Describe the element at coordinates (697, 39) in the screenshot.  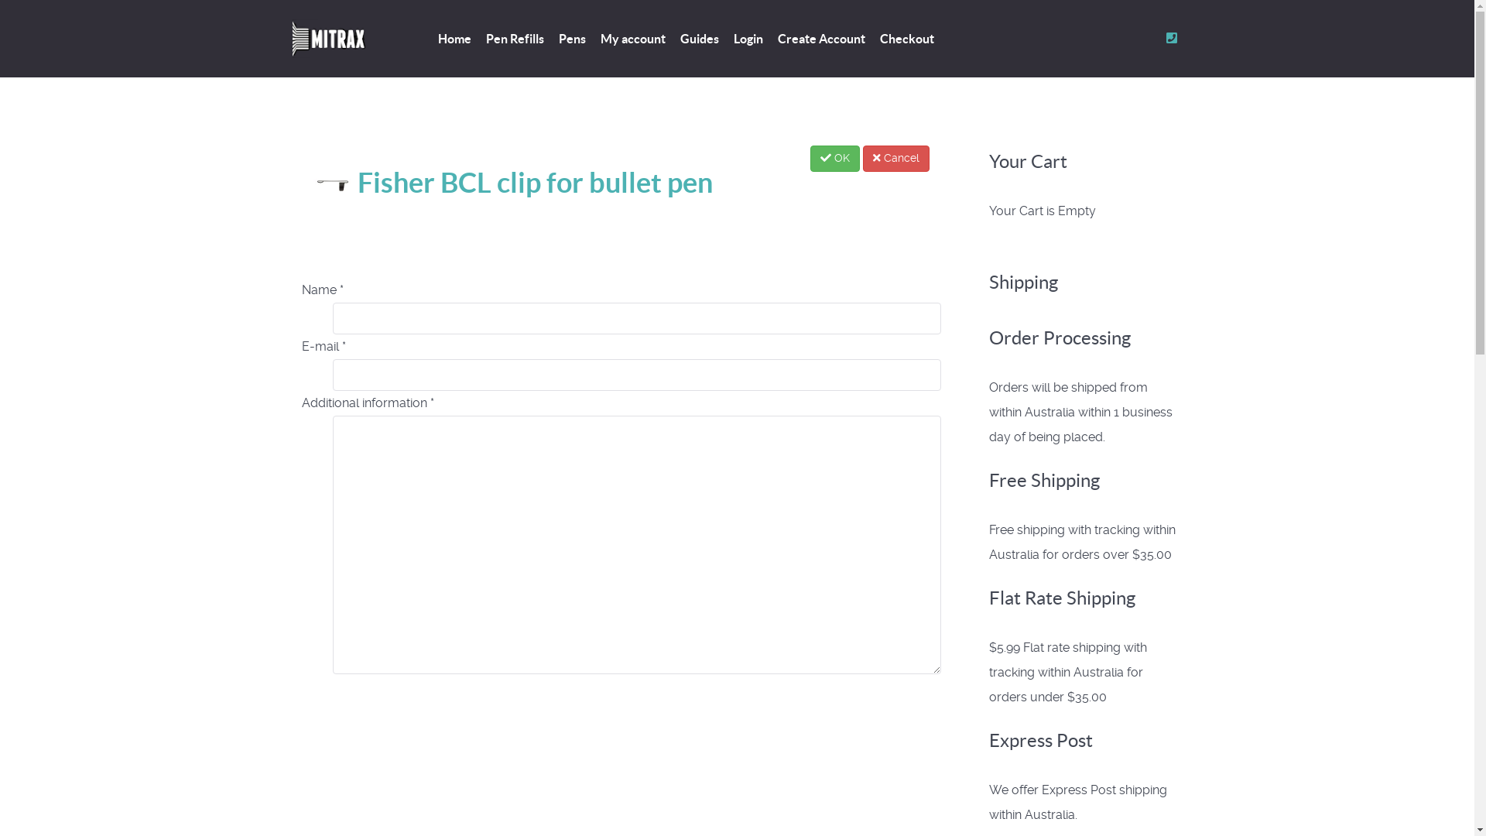
I see `'Guides'` at that location.